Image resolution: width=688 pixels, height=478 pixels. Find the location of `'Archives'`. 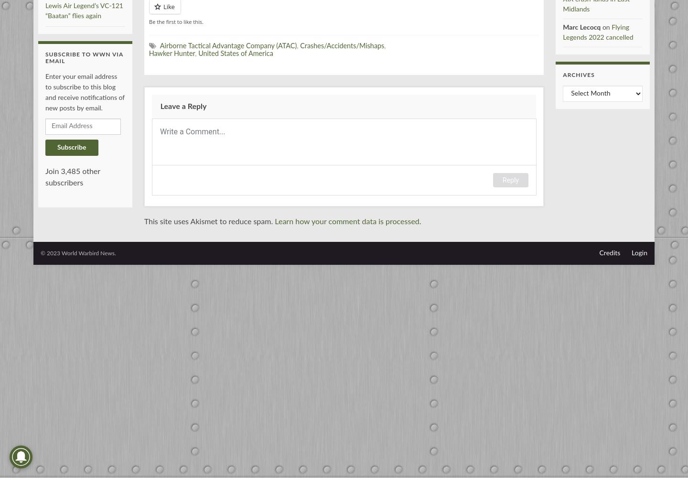

'Archives' is located at coordinates (563, 75).